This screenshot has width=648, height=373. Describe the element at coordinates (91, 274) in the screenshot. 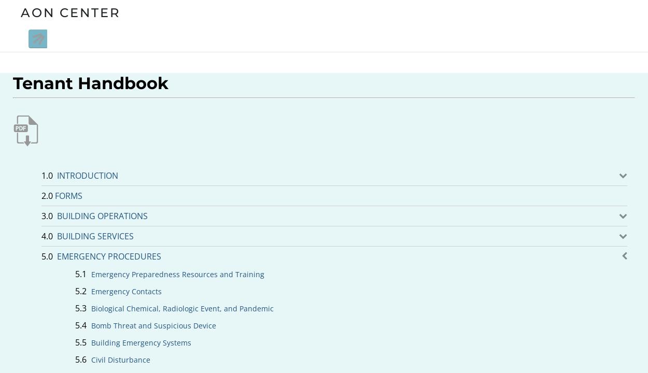

I see `'Emergency Preparedness Resources and Training'` at that location.